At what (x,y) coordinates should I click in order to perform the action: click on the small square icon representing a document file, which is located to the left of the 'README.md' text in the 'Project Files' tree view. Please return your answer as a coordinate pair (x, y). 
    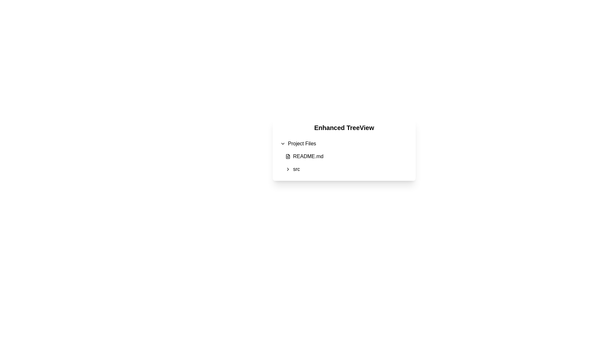
    Looking at the image, I should click on (288, 156).